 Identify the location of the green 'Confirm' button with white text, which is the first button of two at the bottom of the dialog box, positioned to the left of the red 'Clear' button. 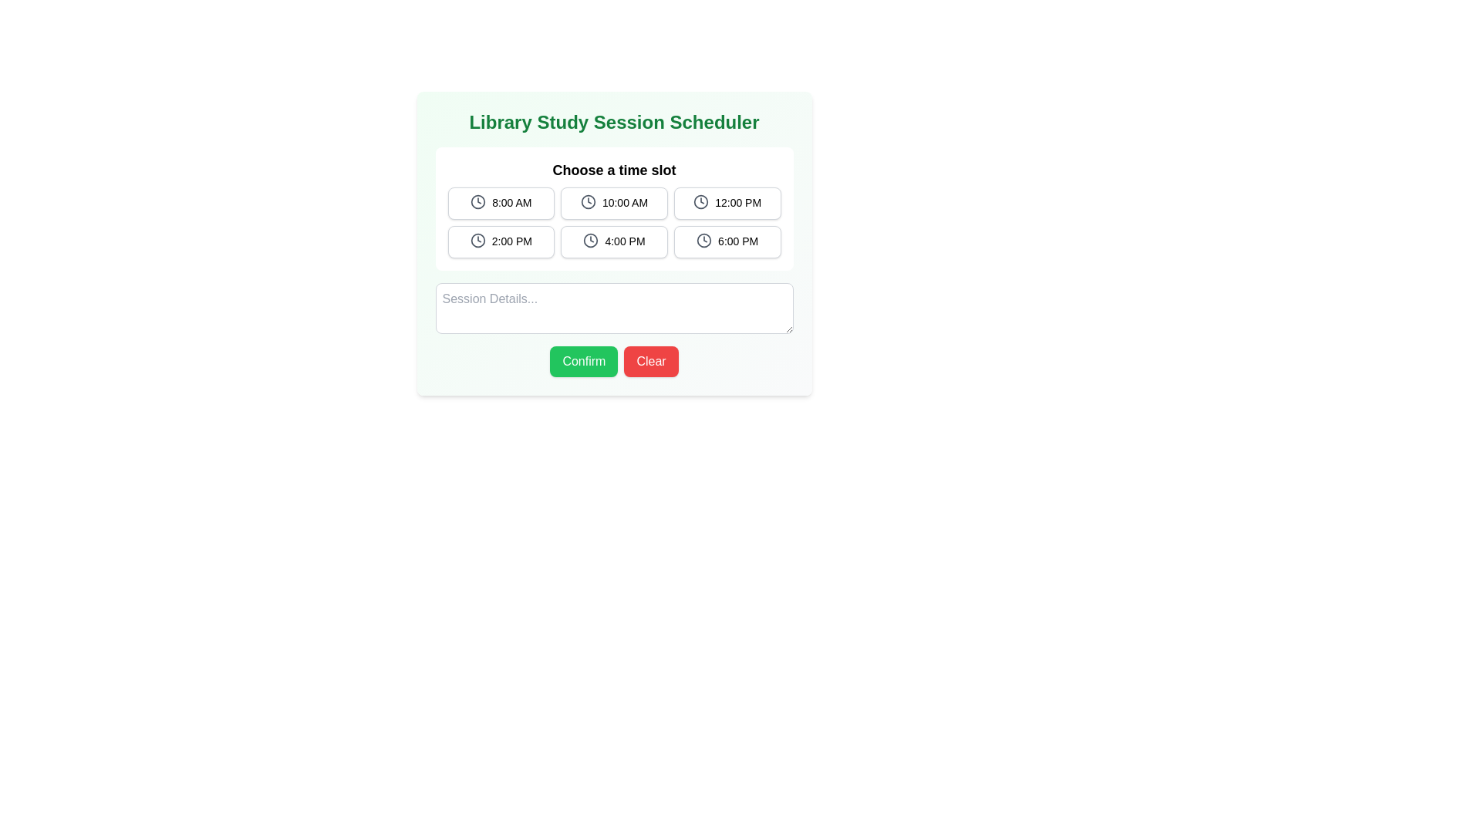
(583, 362).